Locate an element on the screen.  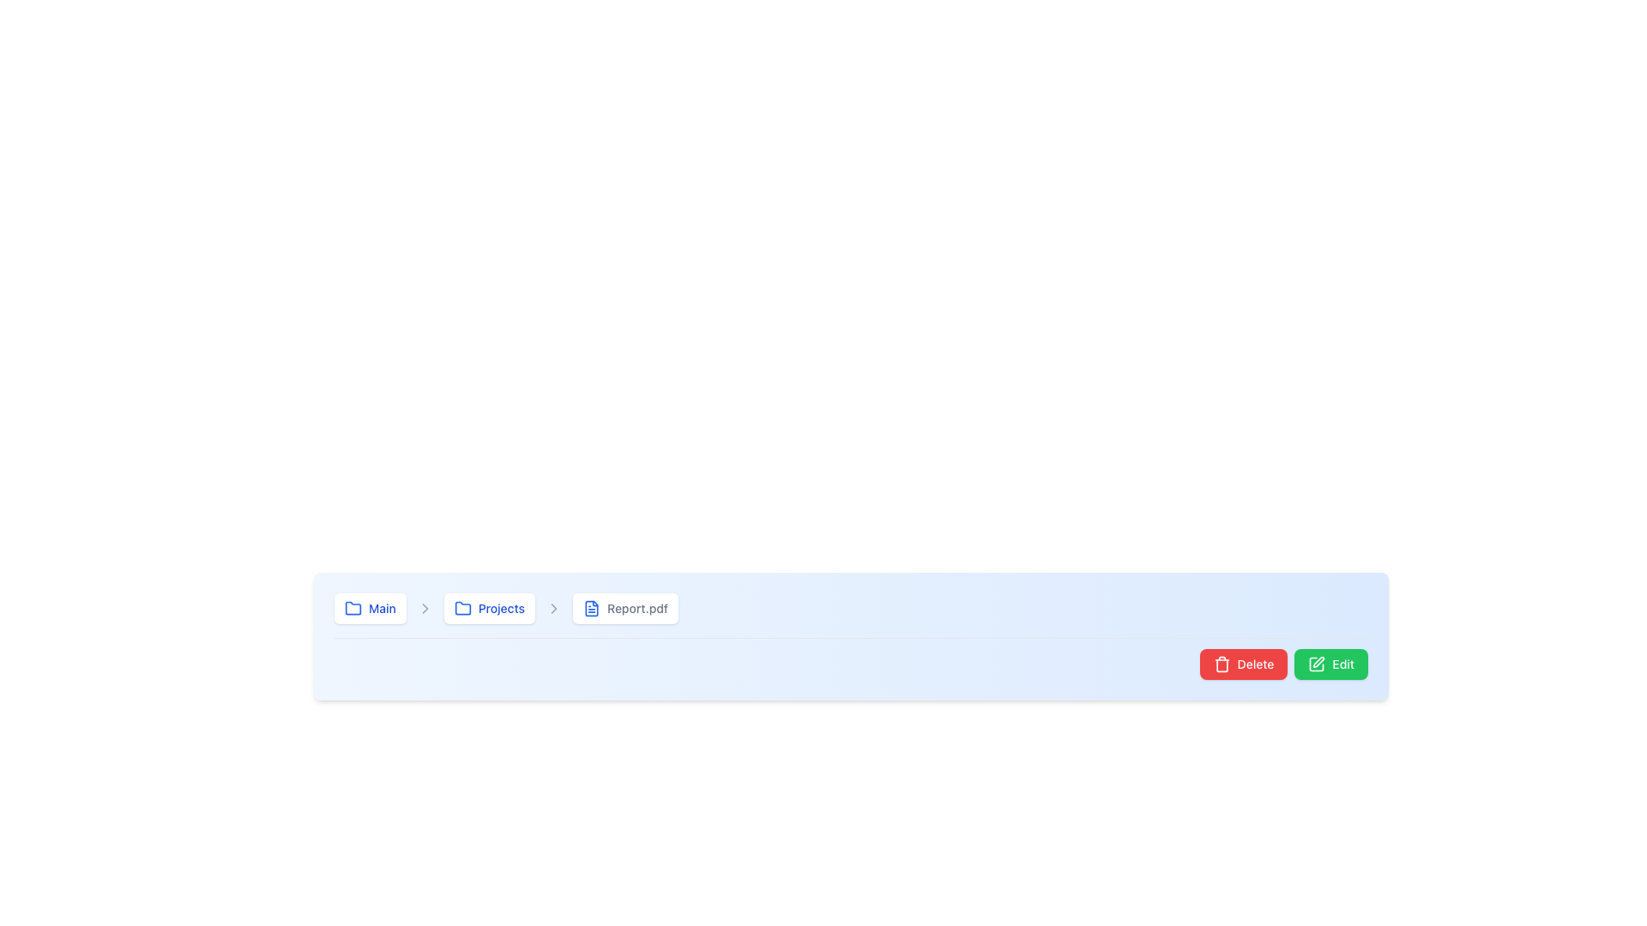
the 'Main' text label that indicates the name or title associated with the folder in the navigation interface, positioned to the right of the folder icon is located at coordinates (381, 607).